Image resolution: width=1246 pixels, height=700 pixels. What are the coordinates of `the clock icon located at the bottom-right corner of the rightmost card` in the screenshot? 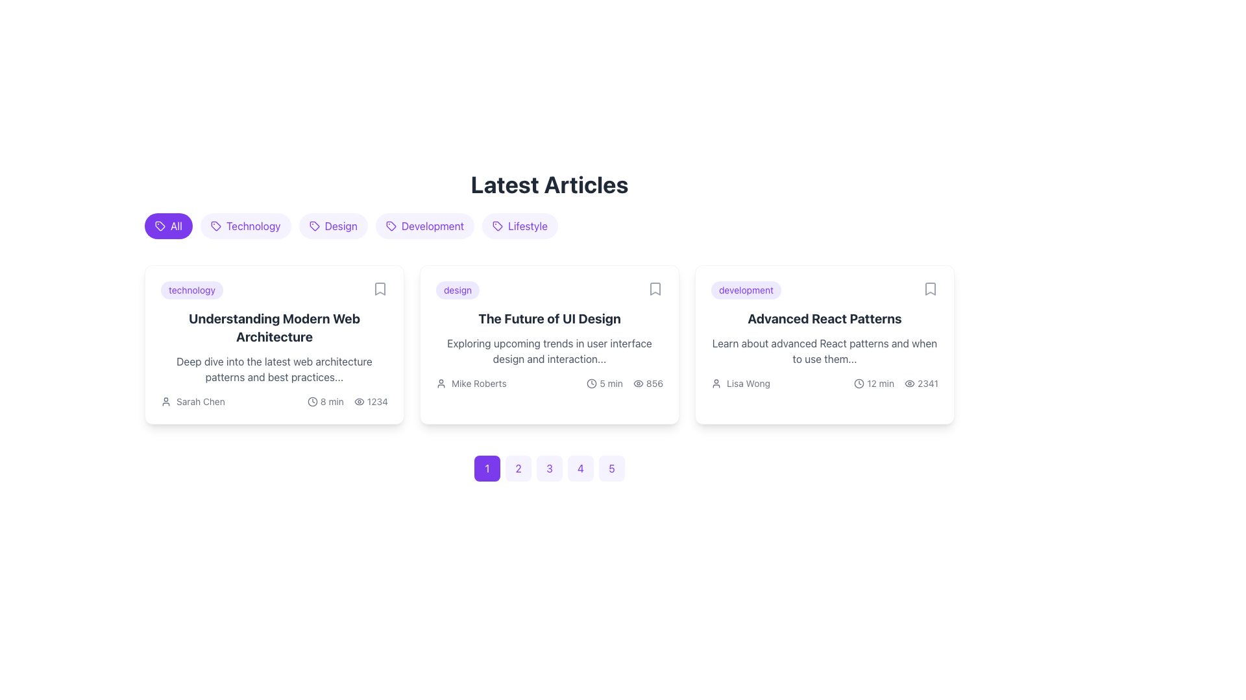 It's located at (859, 382).